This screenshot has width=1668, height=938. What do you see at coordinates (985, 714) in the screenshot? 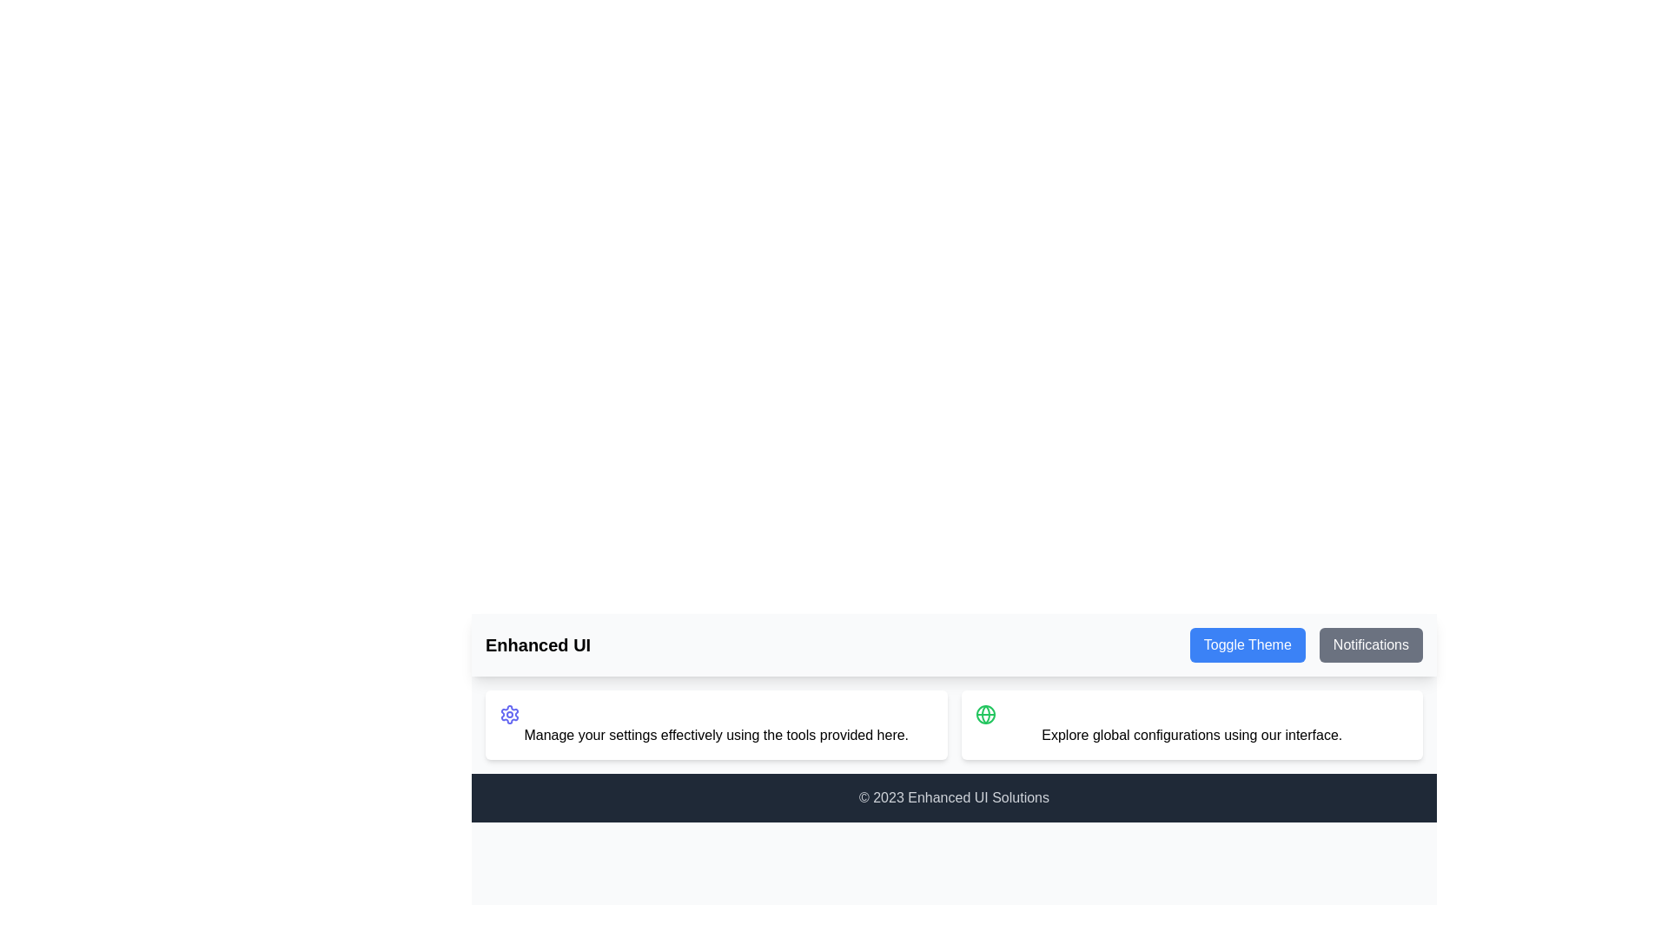
I see `the central SVG Circle of the globe icon, which serves a decorative function within the interface` at bounding box center [985, 714].